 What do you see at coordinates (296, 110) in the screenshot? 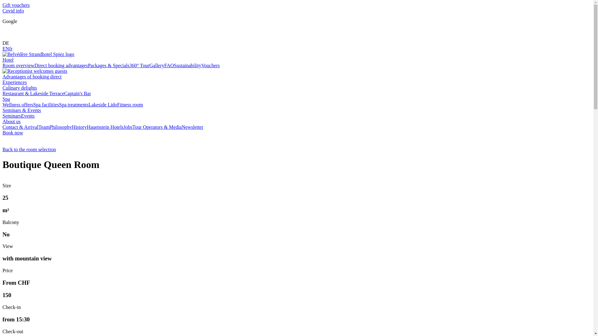
I see `'Seminars & Events'` at bounding box center [296, 110].